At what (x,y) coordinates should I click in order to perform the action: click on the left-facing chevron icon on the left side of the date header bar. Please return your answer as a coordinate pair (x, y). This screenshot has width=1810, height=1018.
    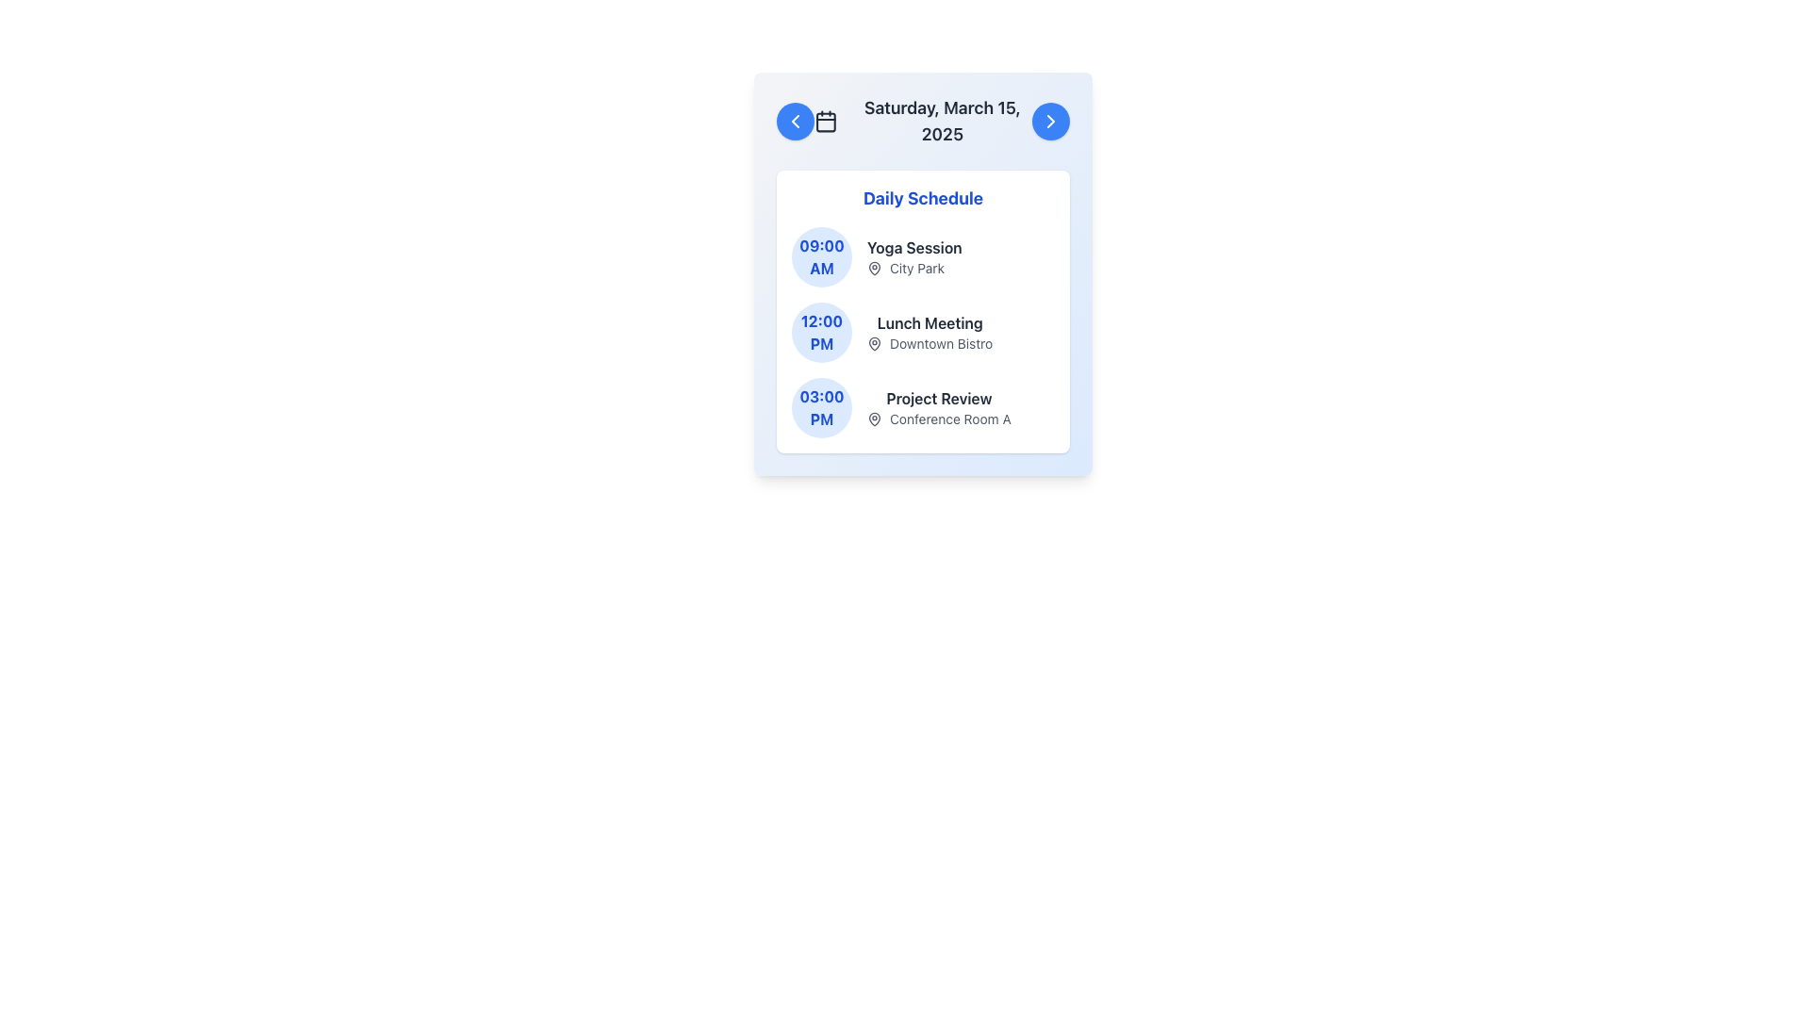
    Looking at the image, I should click on (796, 121).